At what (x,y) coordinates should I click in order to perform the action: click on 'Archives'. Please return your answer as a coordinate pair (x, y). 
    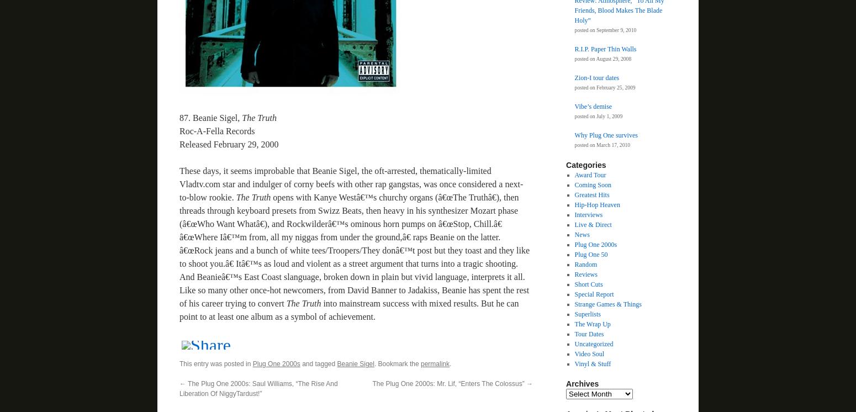
    Looking at the image, I should click on (582, 383).